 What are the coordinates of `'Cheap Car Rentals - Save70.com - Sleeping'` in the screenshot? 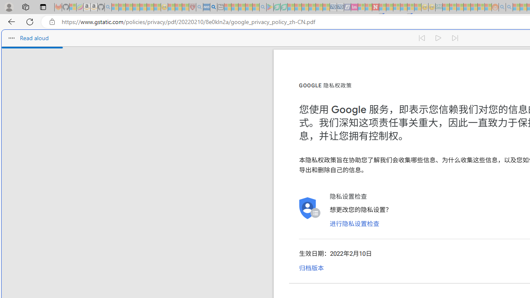 It's located at (333, 7).